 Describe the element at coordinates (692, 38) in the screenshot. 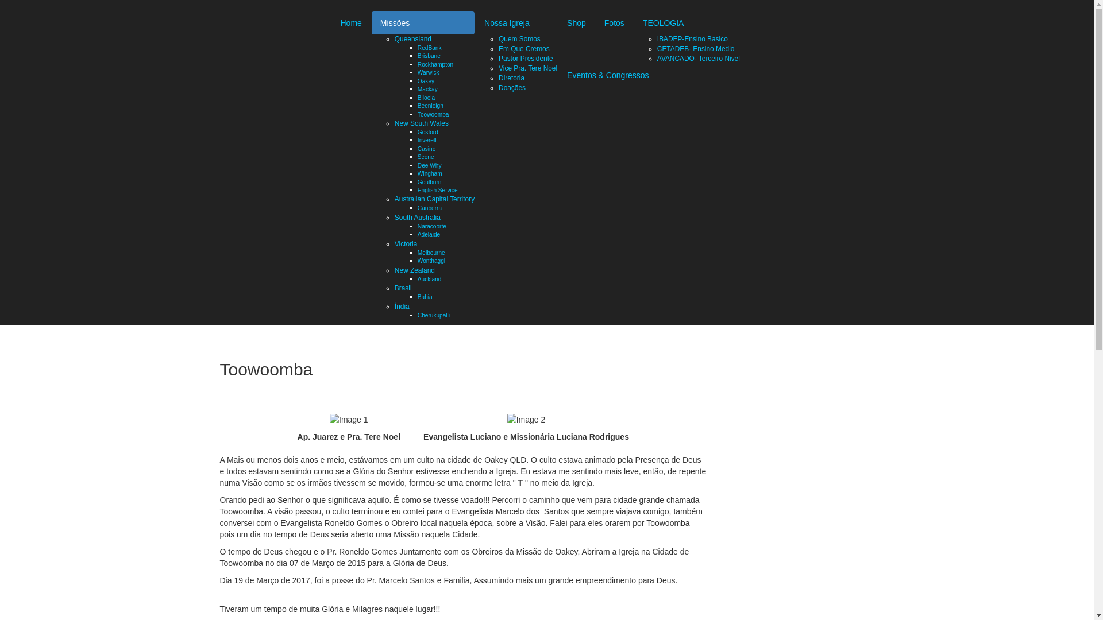

I see `'IBADEP-Ensino Basico'` at that location.